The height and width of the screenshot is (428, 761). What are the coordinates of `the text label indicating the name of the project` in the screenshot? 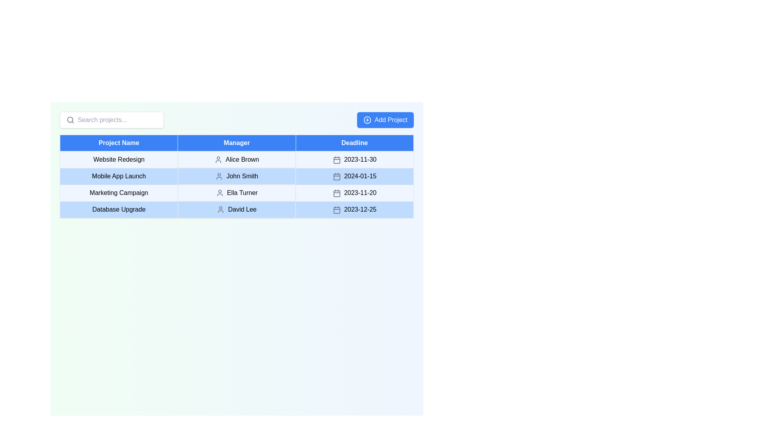 It's located at (119, 209).